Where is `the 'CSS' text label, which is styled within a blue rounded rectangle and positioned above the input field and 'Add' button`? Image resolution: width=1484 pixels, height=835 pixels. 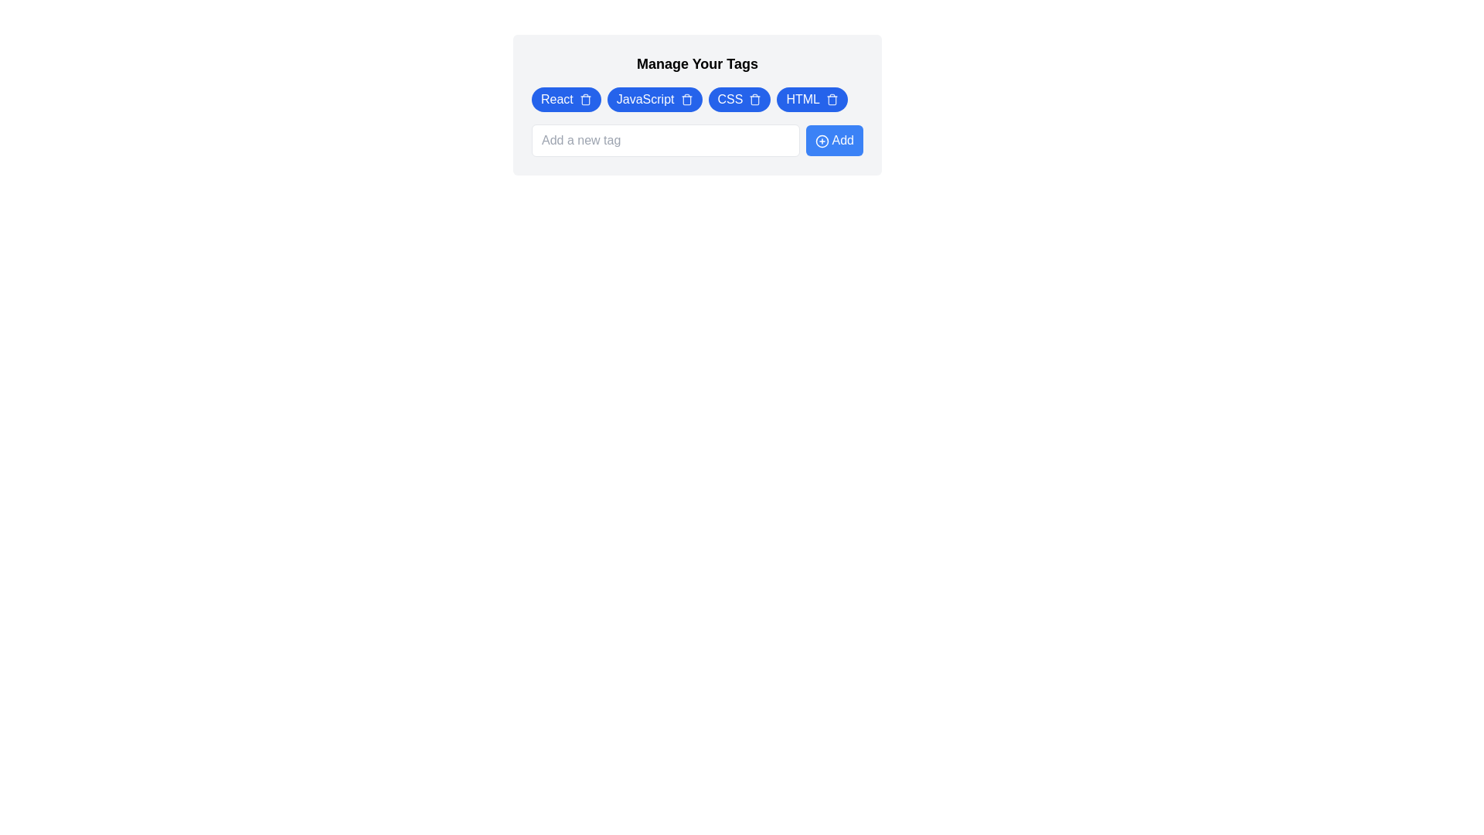
the 'CSS' text label, which is styled within a blue rounded rectangle and positioned above the input field and 'Add' button is located at coordinates (729, 99).